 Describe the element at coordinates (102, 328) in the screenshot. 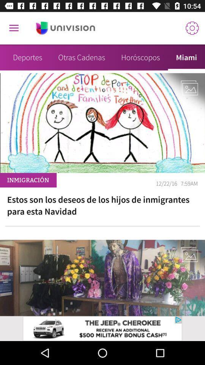

I see `jeep cherokee advertisement` at that location.